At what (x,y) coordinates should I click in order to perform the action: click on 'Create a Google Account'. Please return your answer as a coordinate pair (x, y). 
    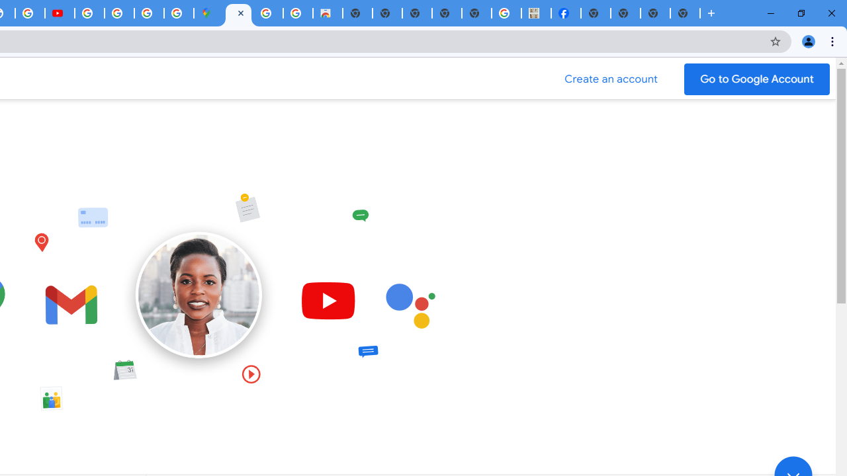
    Looking at the image, I should click on (611, 79).